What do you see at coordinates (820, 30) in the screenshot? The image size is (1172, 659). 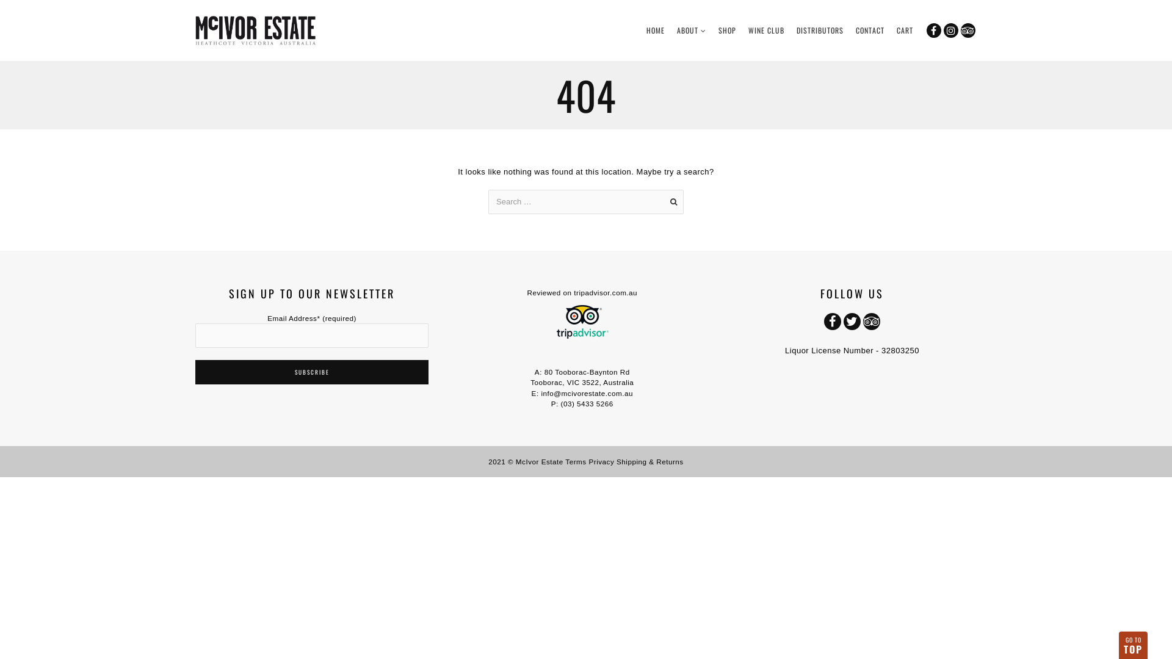 I see `'DISTRIBUTORS'` at bounding box center [820, 30].